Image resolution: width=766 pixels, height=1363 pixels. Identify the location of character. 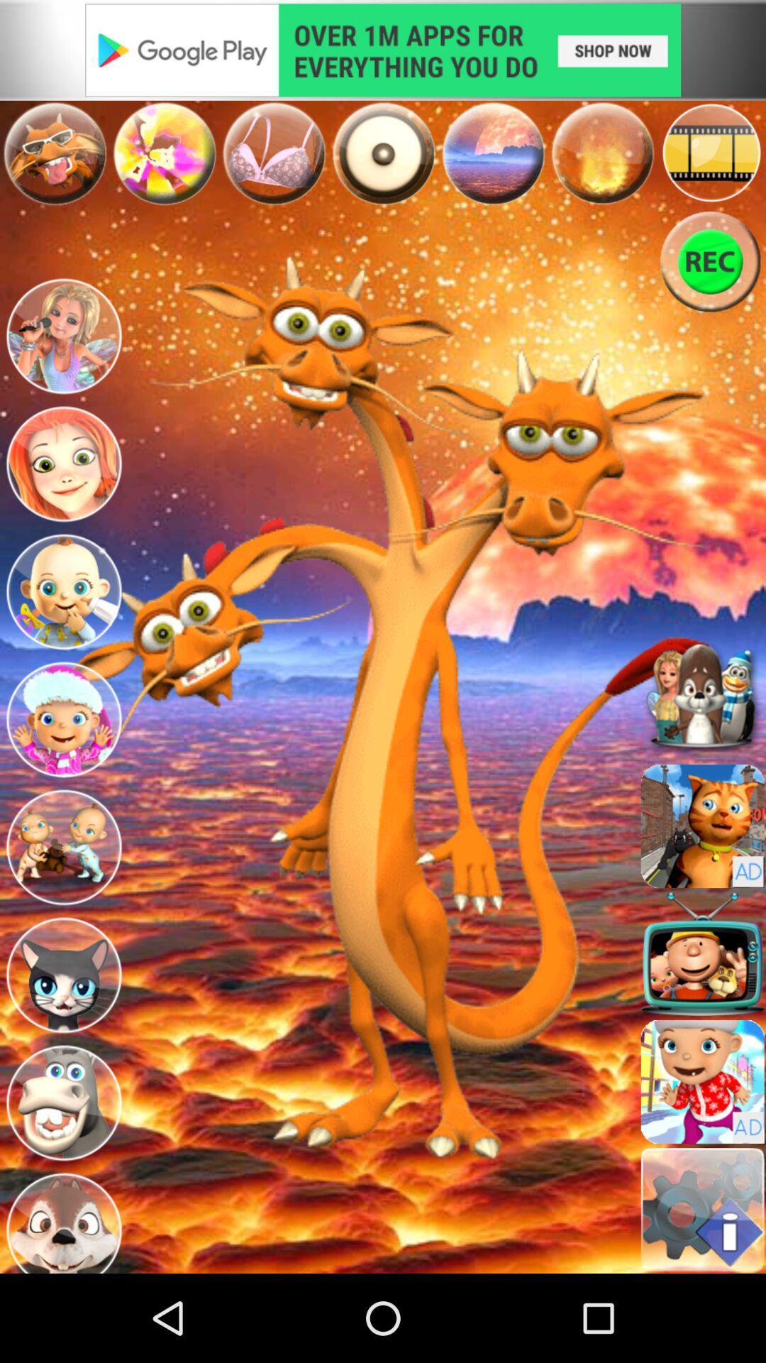
(702, 826).